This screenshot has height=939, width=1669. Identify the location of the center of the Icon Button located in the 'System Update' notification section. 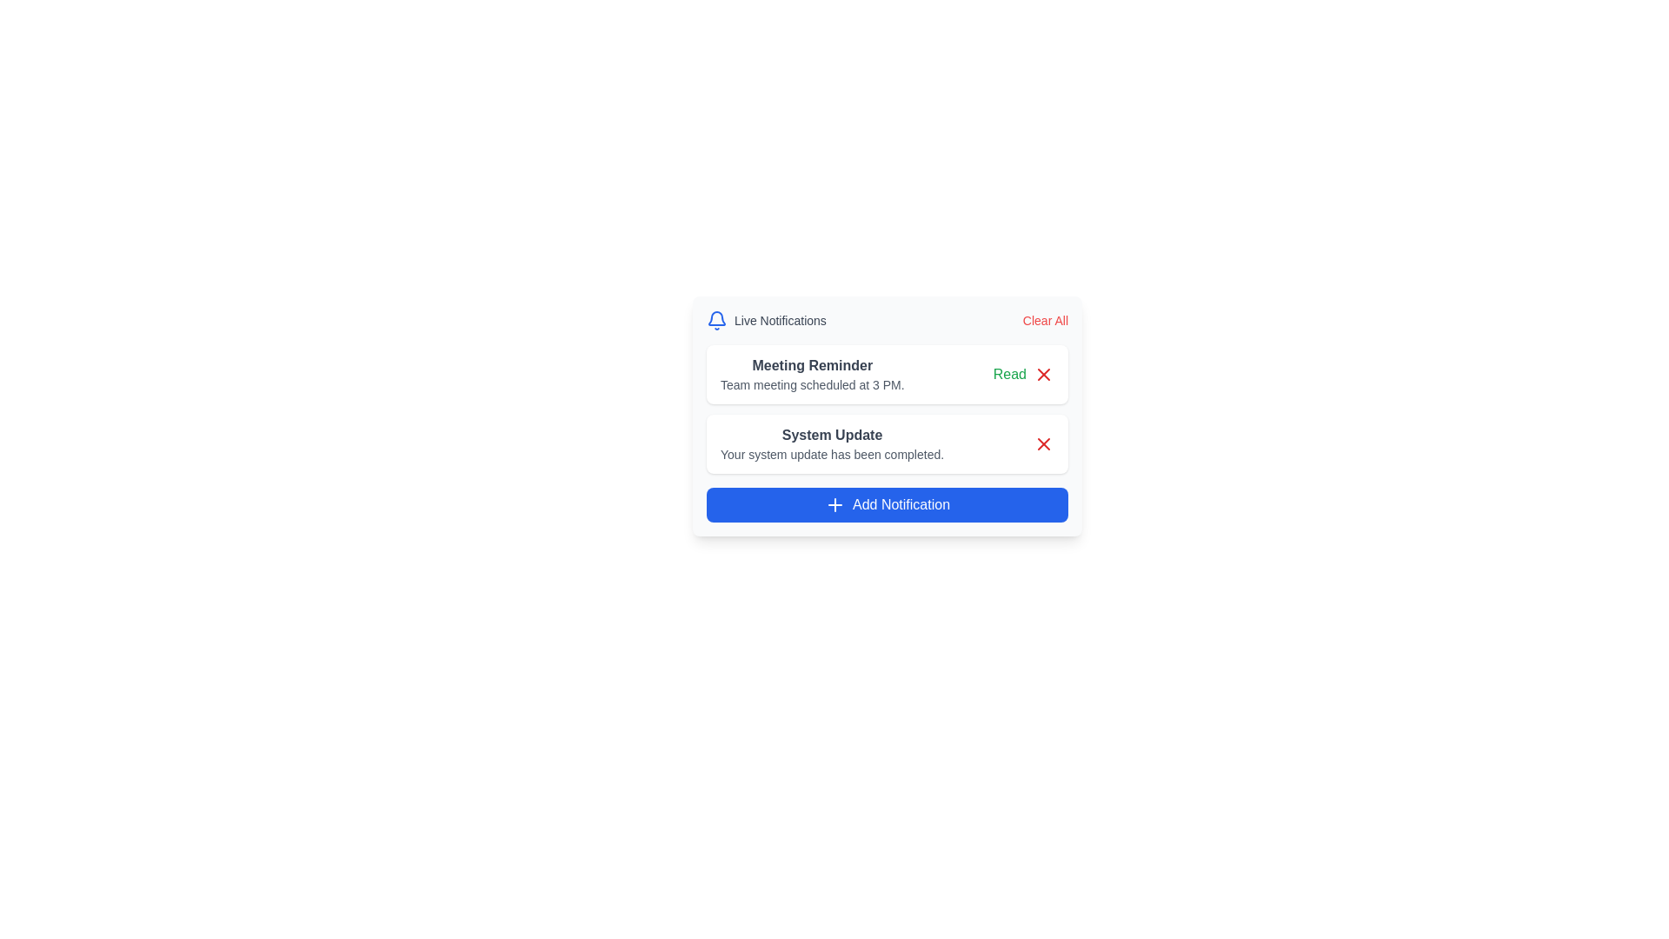
(1043, 443).